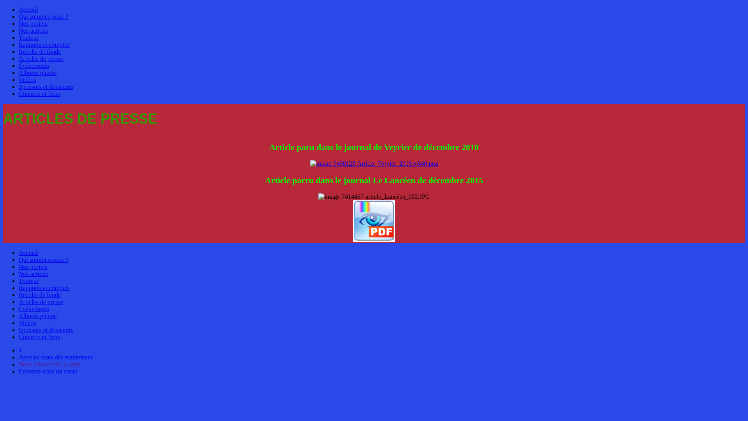 Image resolution: width=748 pixels, height=421 pixels. Describe the element at coordinates (28, 9) in the screenshot. I see `'Accueil'` at that location.